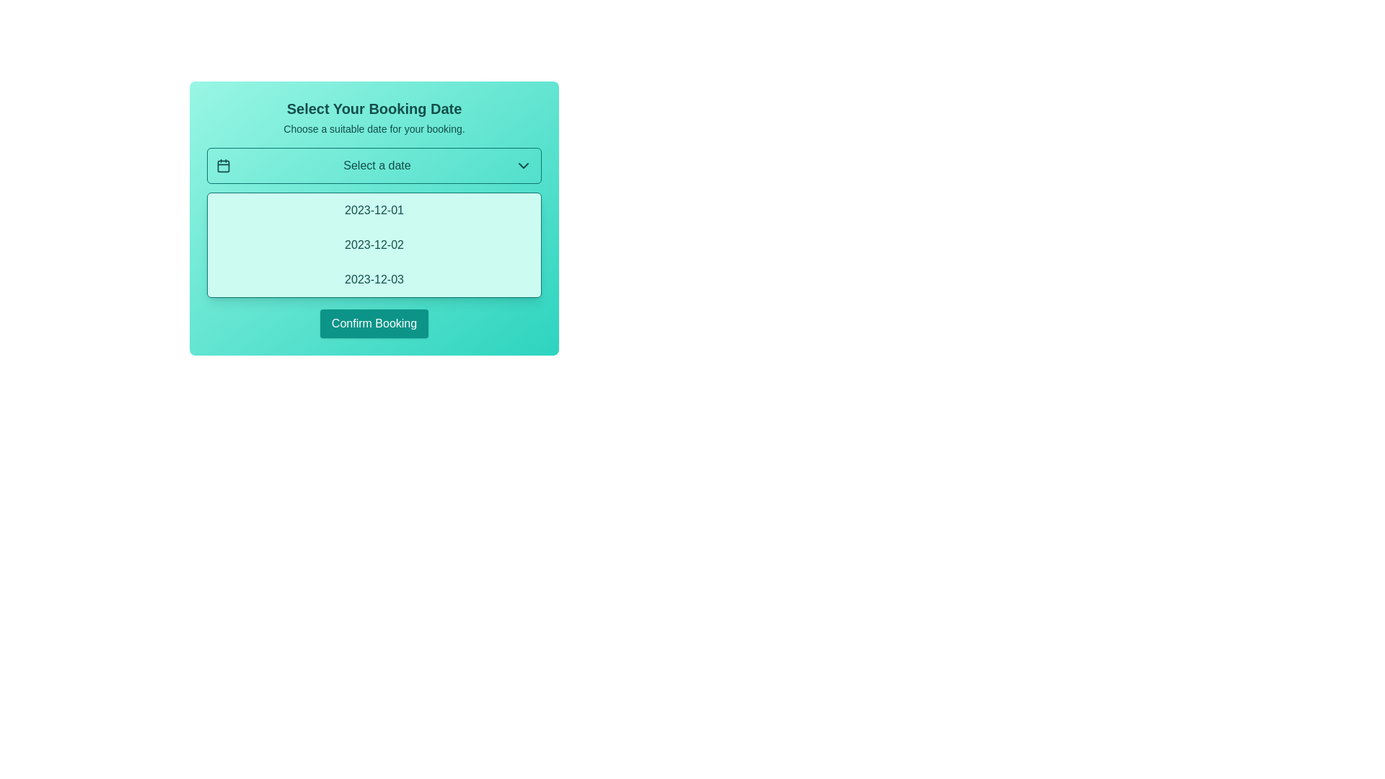 The image size is (1385, 779). Describe the element at coordinates (374, 116) in the screenshot. I see `the Text Block that describes the action required from the user regarding selecting their booking date, located at the upper portion of the card` at that location.